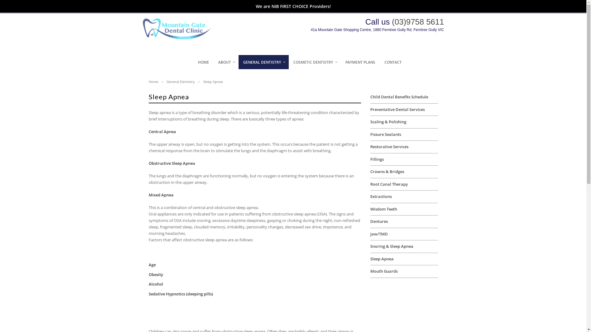 The image size is (591, 332). Describe the element at coordinates (193, 62) in the screenshot. I see `'HOME'` at that location.